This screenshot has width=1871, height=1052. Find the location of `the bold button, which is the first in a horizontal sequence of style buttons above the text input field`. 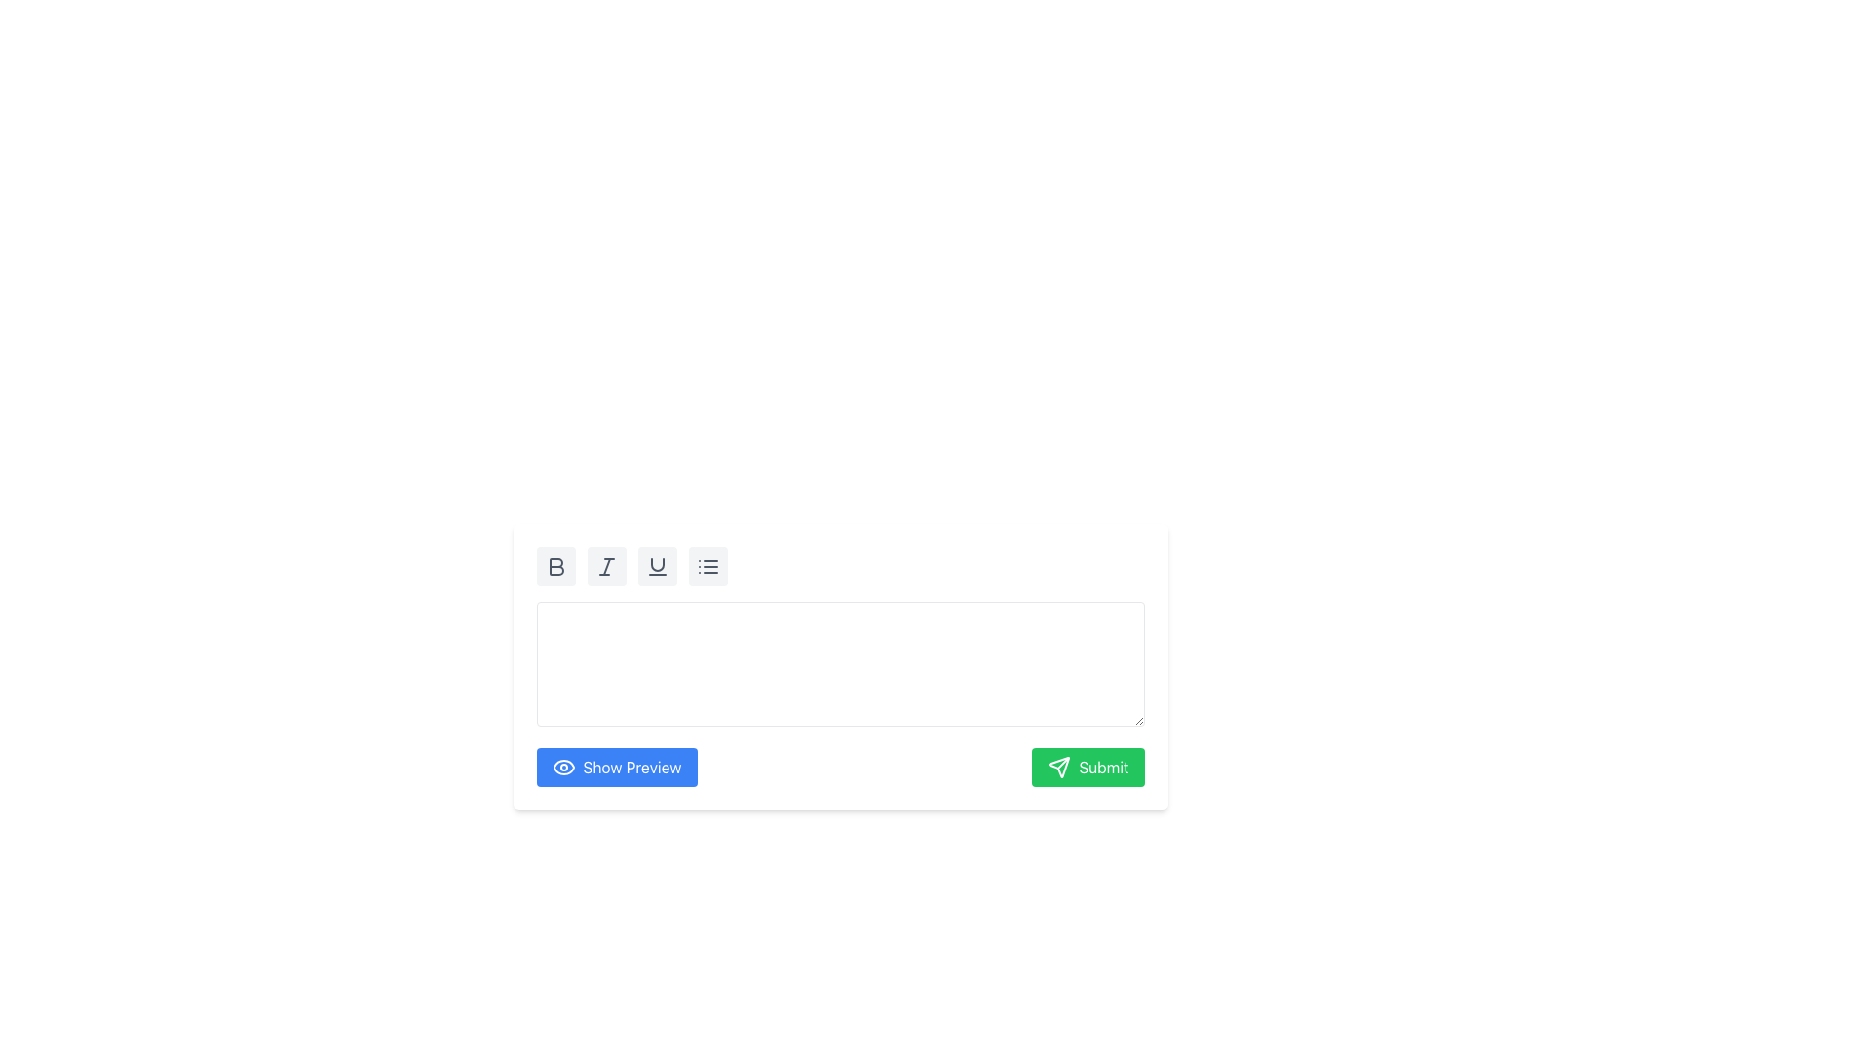

the bold button, which is the first in a horizontal sequence of style buttons above the text input field is located at coordinates (554, 567).